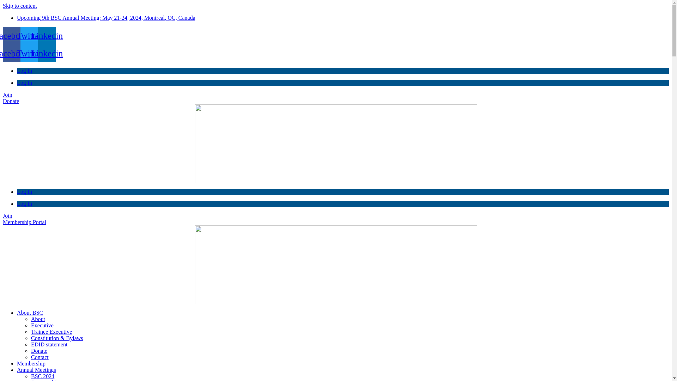  Describe the element at coordinates (51, 332) in the screenshot. I see `'Trainee Executive'` at that location.